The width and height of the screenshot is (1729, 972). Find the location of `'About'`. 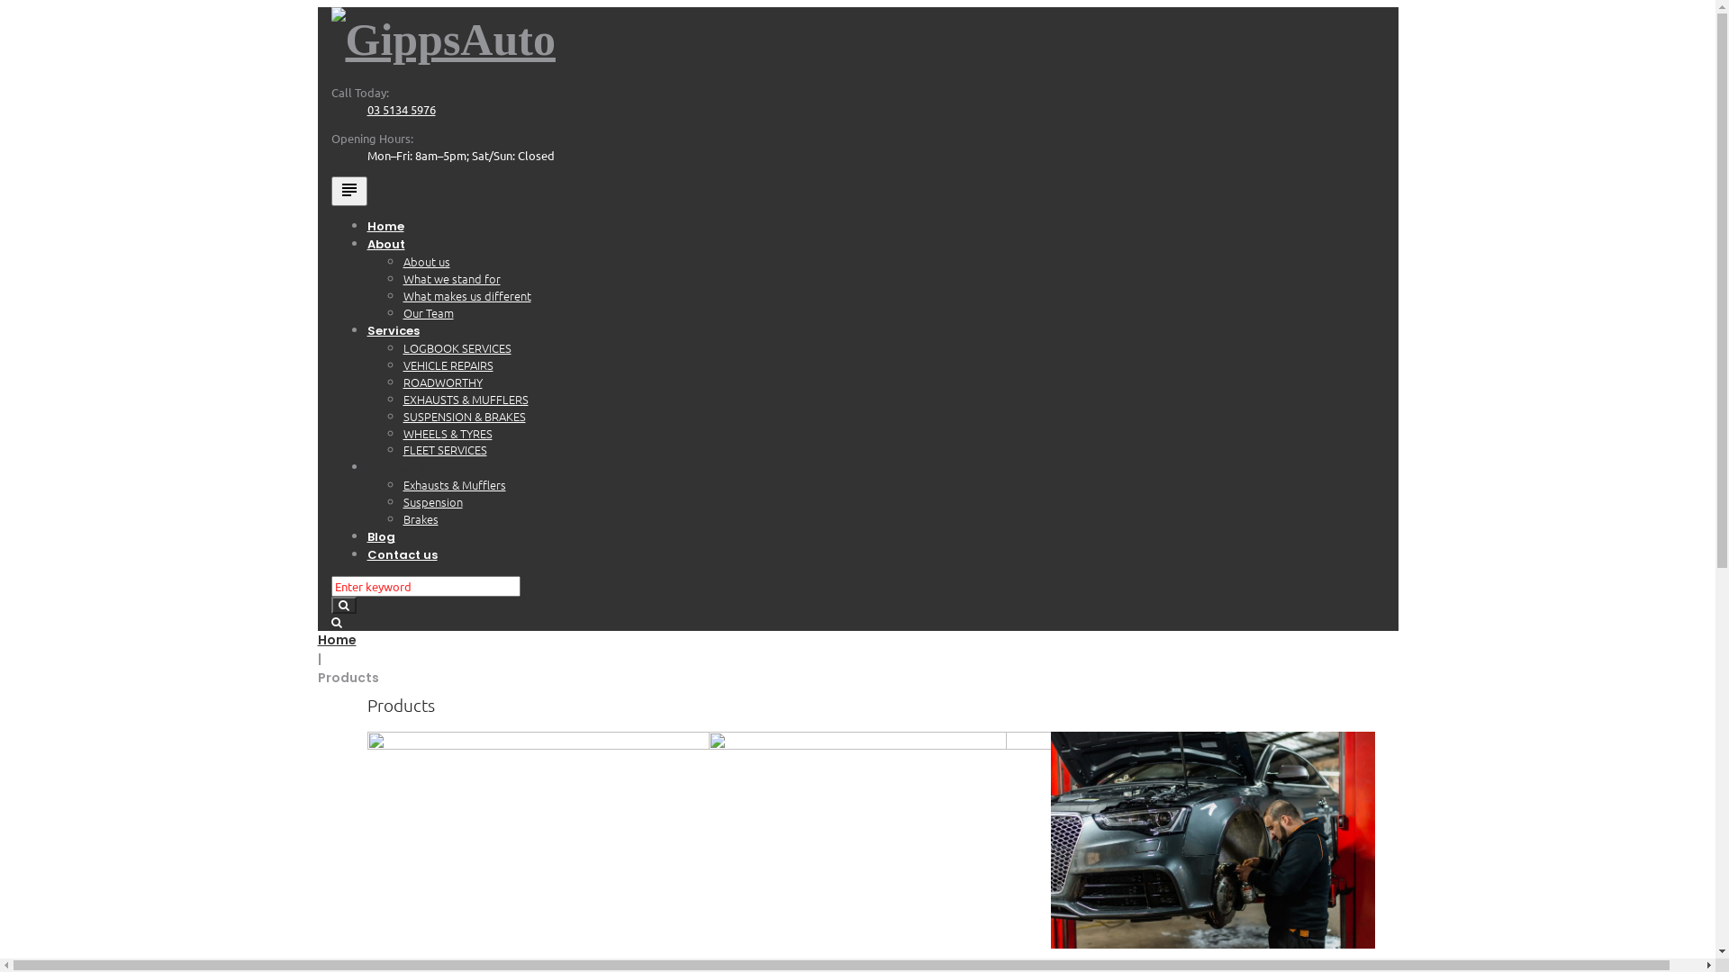

'About' is located at coordinates (385, 244).